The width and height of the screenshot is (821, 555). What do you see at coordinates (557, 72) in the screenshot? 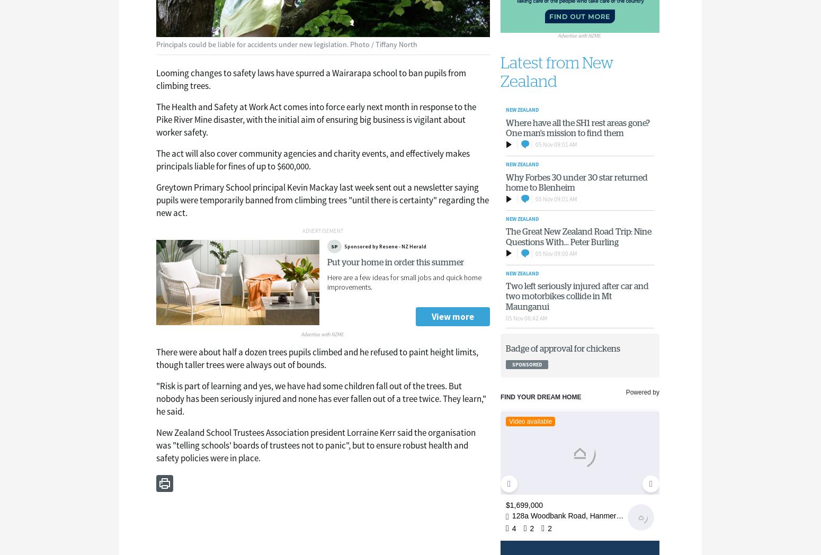
I see `'Latest from New Zealand'` at bounding box center [557, 72].